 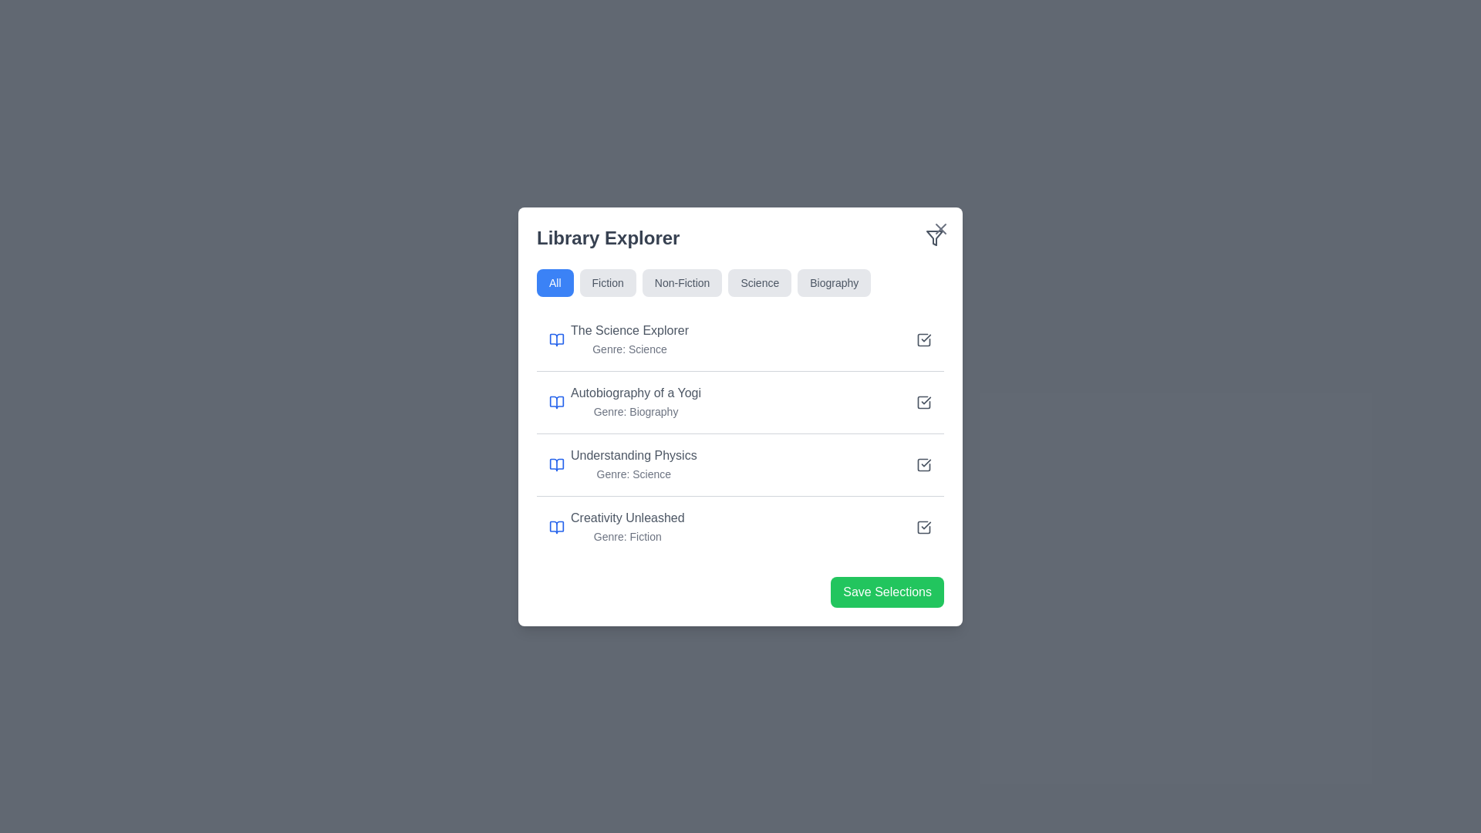 What do you see at coordinates (924, 525) in the screenshot?
I see `the interactive checkbox with a blue and gray hue, containing a checkmark icon, located to the right of the item row titled 'Creativity Unleashed: Genre: Fiction', which is the fourth checkbox among similar elements` at bounding box center [924, 525].